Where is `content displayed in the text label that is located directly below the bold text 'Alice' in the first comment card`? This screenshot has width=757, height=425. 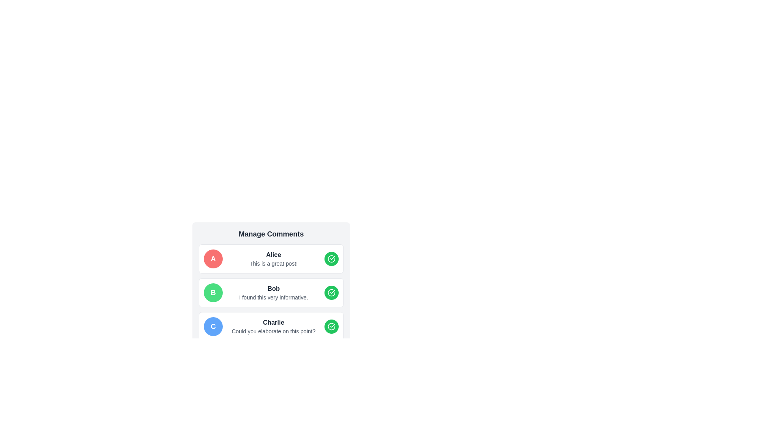 content displayed in the text label that is located directly below the bold text 'Alice' in the first comment card is located at coordinates (274, 264).